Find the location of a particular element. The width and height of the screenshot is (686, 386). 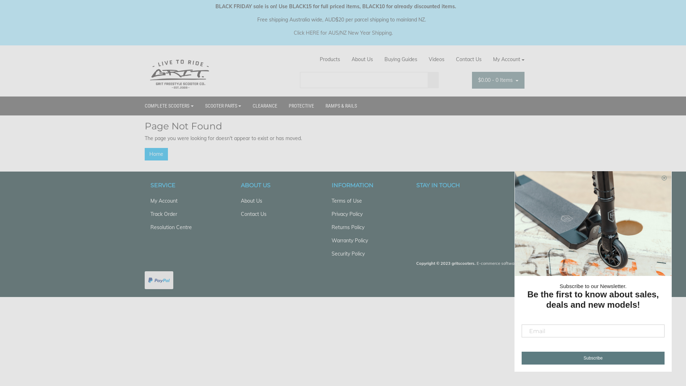

'Track Order' is located at coordinates (144, 214).